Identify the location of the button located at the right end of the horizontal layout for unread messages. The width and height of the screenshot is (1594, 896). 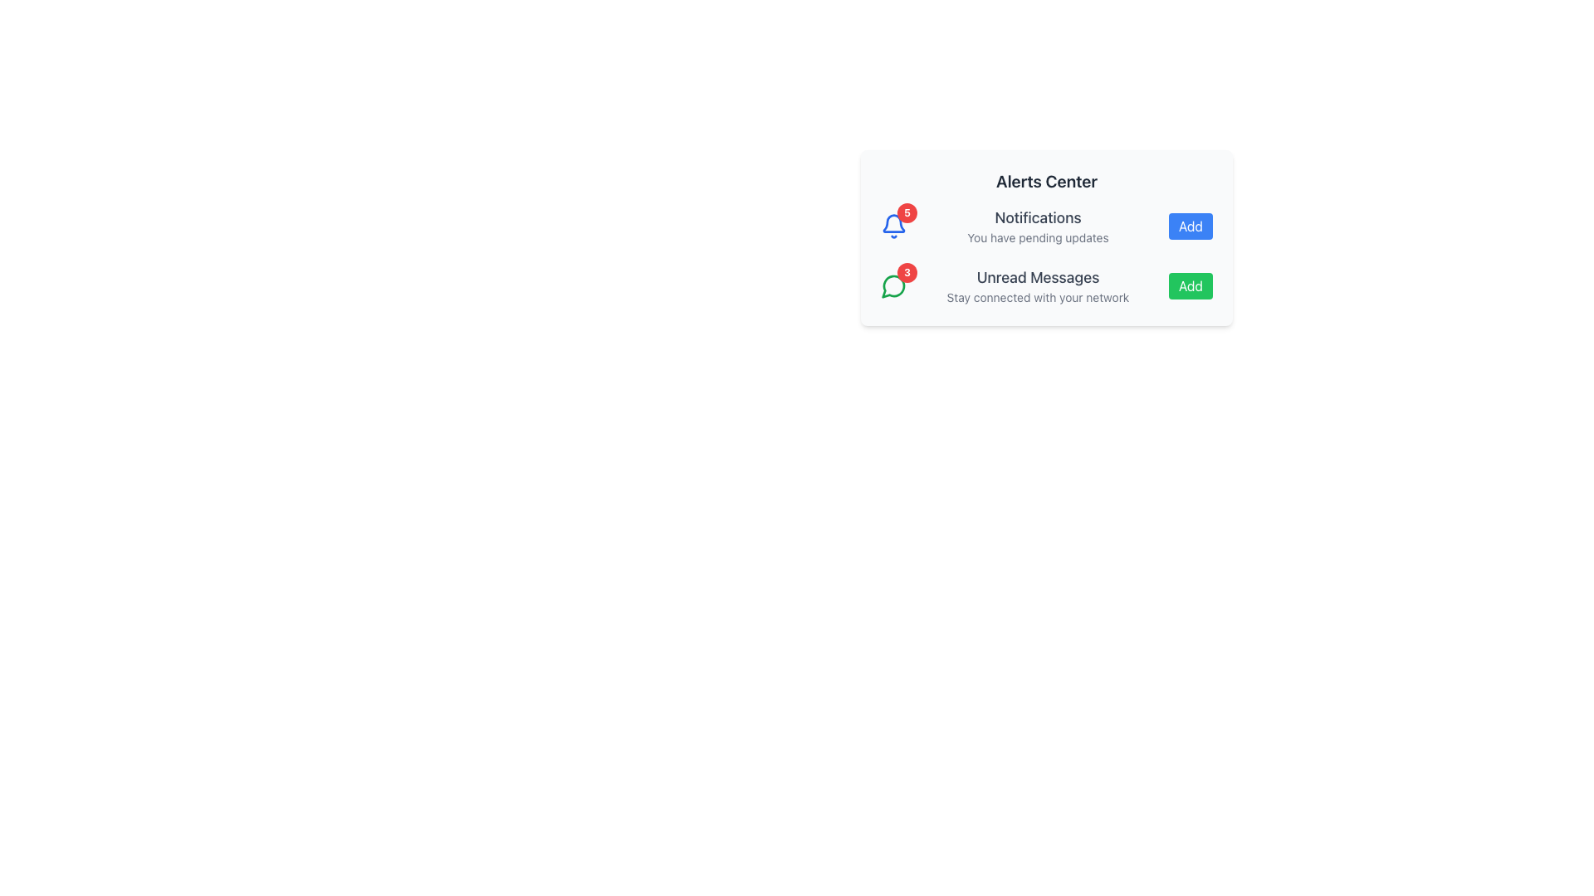
(1190, 285).